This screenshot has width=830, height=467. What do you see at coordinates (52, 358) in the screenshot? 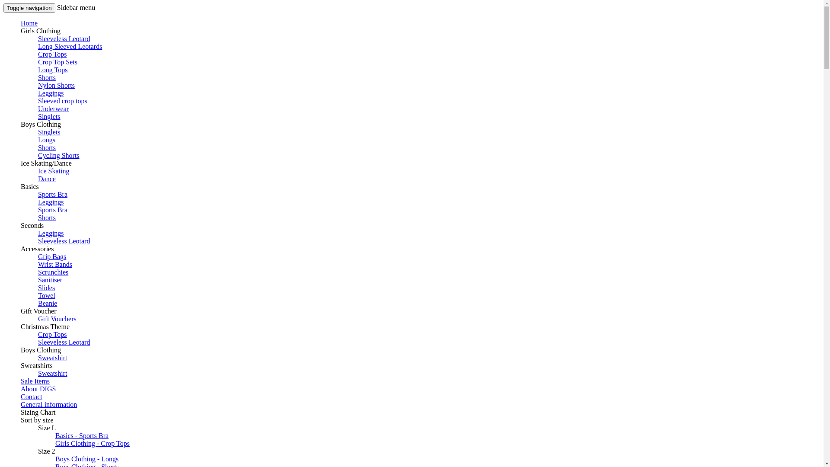
I see `'Sweatshirt'` at bounding box center [52, 358].